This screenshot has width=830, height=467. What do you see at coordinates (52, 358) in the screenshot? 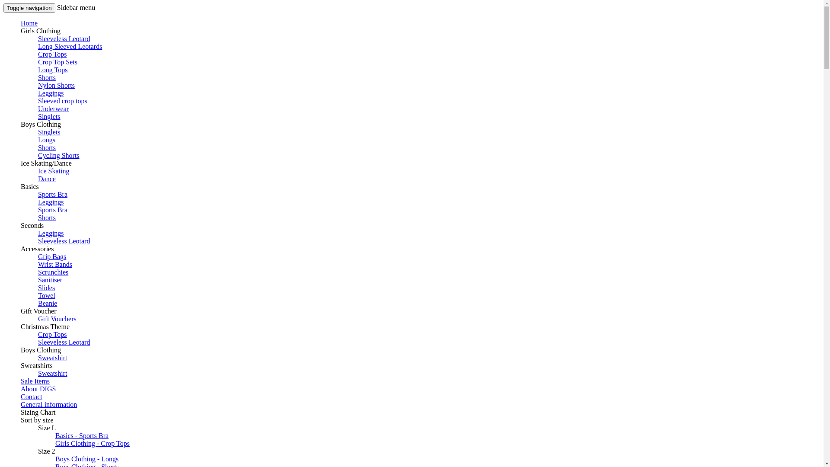
I see `'Sweatshirt'` at bounding box center [52, 358].